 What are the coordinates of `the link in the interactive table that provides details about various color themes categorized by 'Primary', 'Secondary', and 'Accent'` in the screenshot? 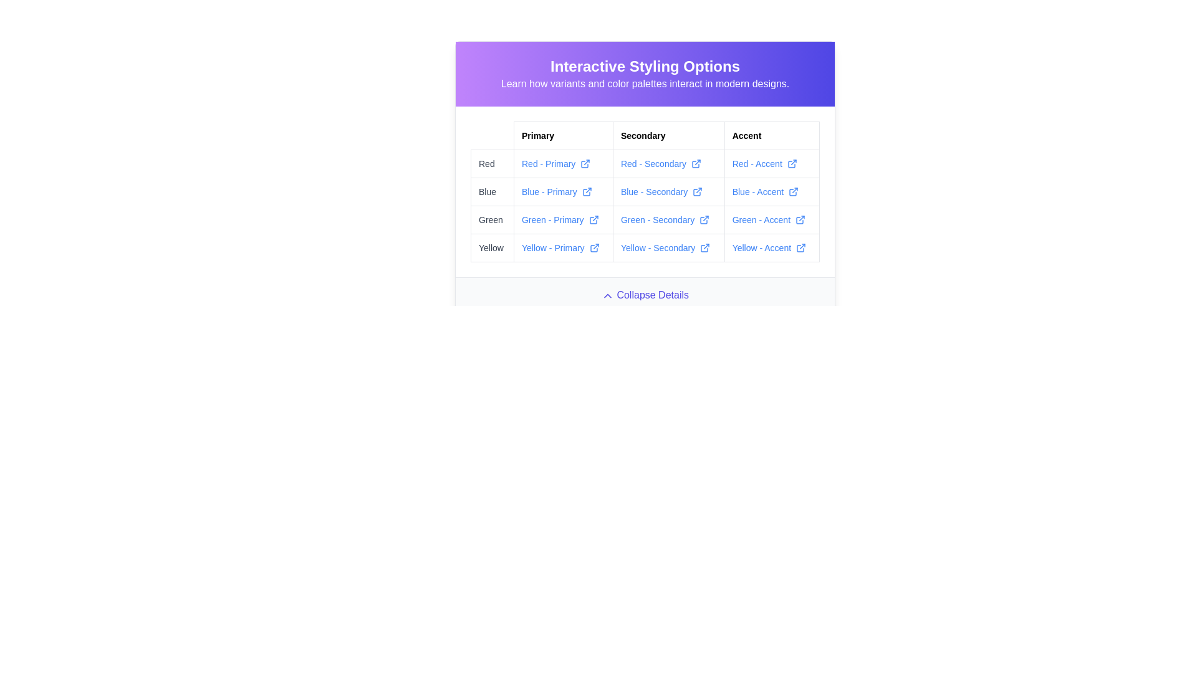 It's located at (645, 153).